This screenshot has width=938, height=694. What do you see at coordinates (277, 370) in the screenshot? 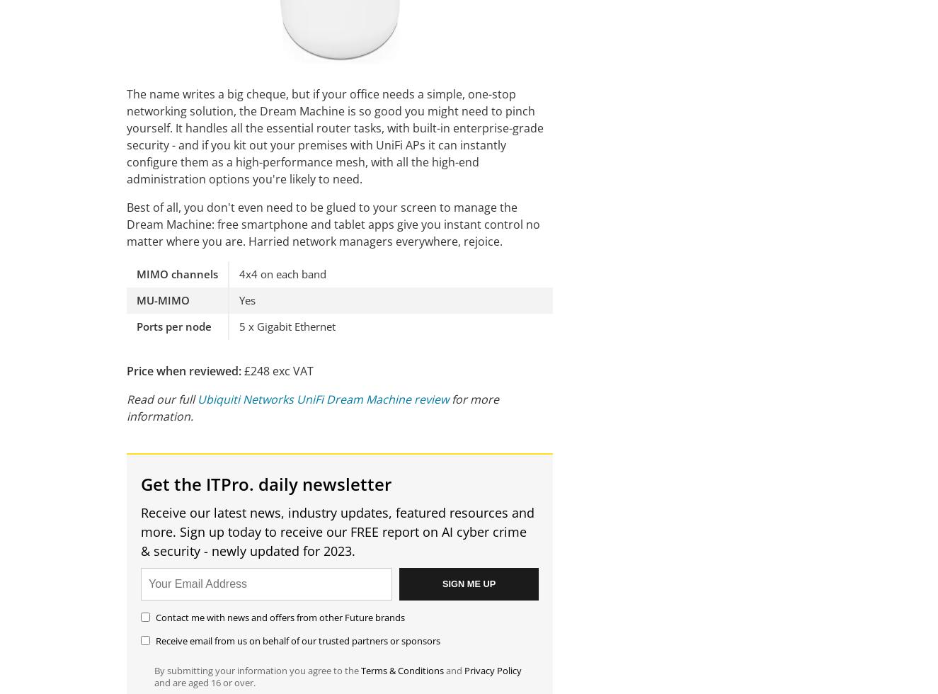
I see `'£248 exc VAT'` at bounding box center [277, 370].